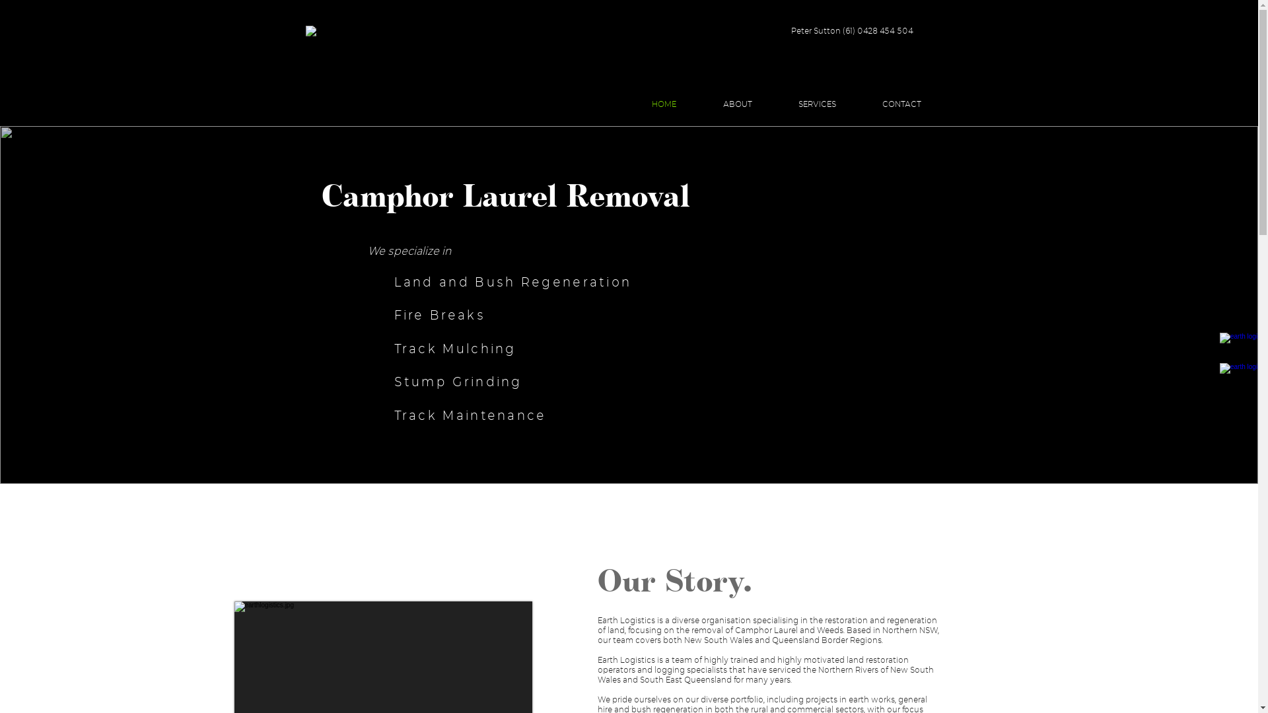  I want to click on 'Peter Sutton (61) 0428 454 504', so click(852, 30).